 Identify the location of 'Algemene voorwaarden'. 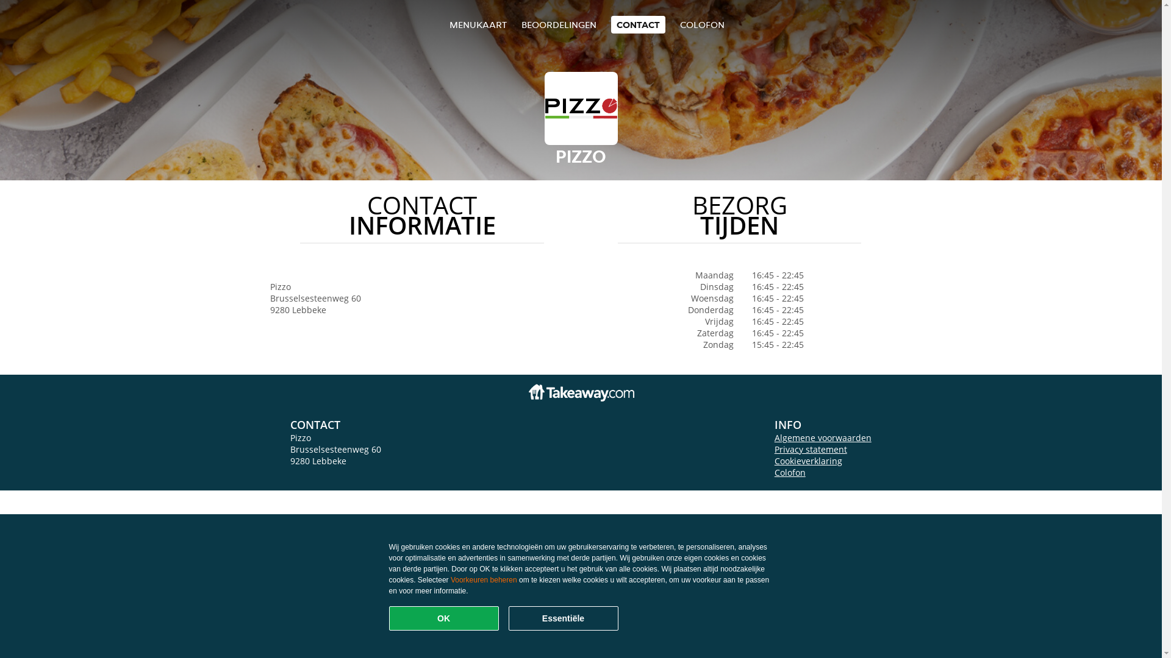
(823, 437).